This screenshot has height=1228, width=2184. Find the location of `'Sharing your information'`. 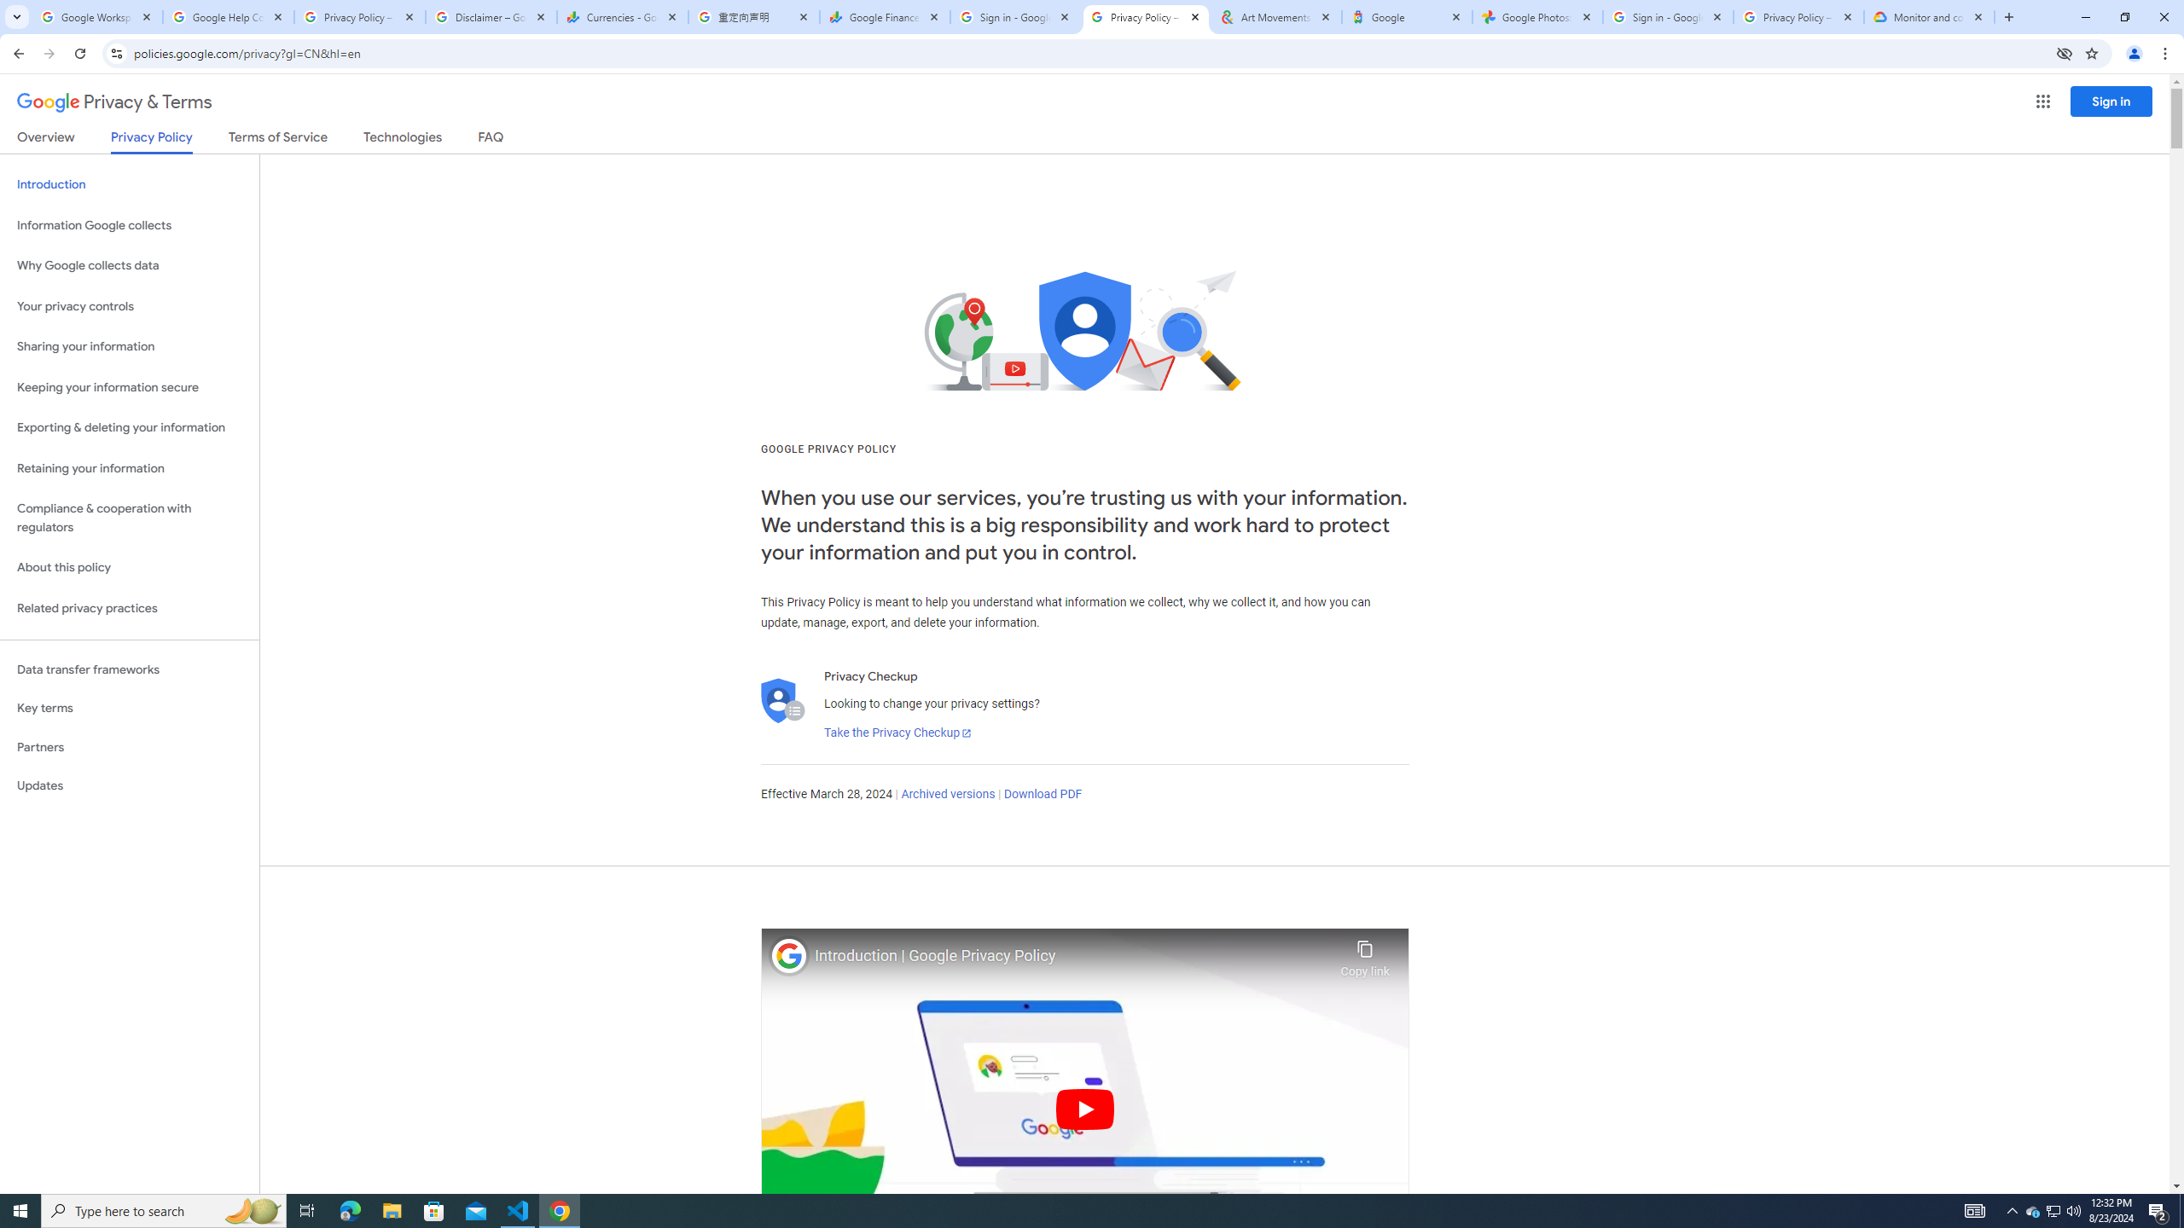

'Sharing your information' is located at coordinates (129, 345).